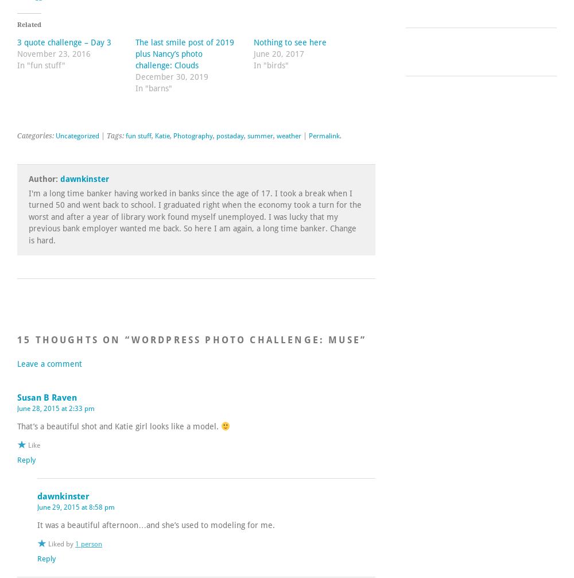 Image resolution: width=574 pixels, height=578 pixels. What do you see at coordinates (44, 179) in the screenshot?
I see `'Author:'` at bounding box center [44, 179].